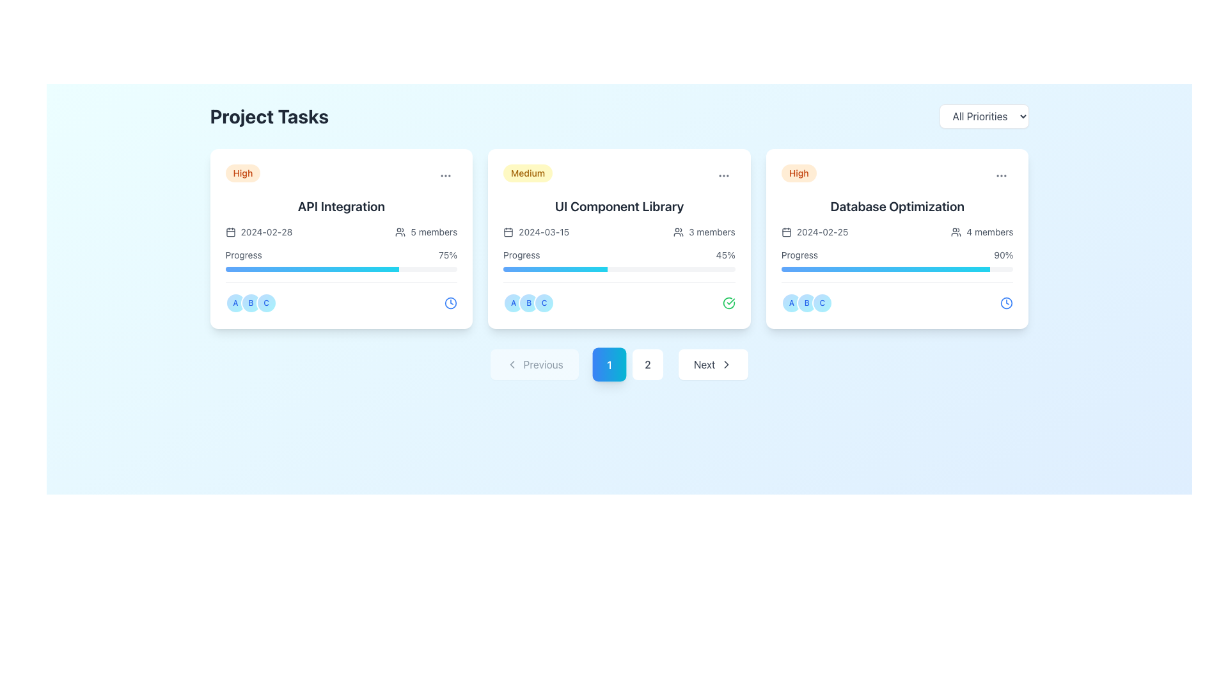 This screenshot has height=691, width=1228. What do you see at coordinates (985, 268) in the screenshot?
I see `progress` at bounding box center [985, 268].